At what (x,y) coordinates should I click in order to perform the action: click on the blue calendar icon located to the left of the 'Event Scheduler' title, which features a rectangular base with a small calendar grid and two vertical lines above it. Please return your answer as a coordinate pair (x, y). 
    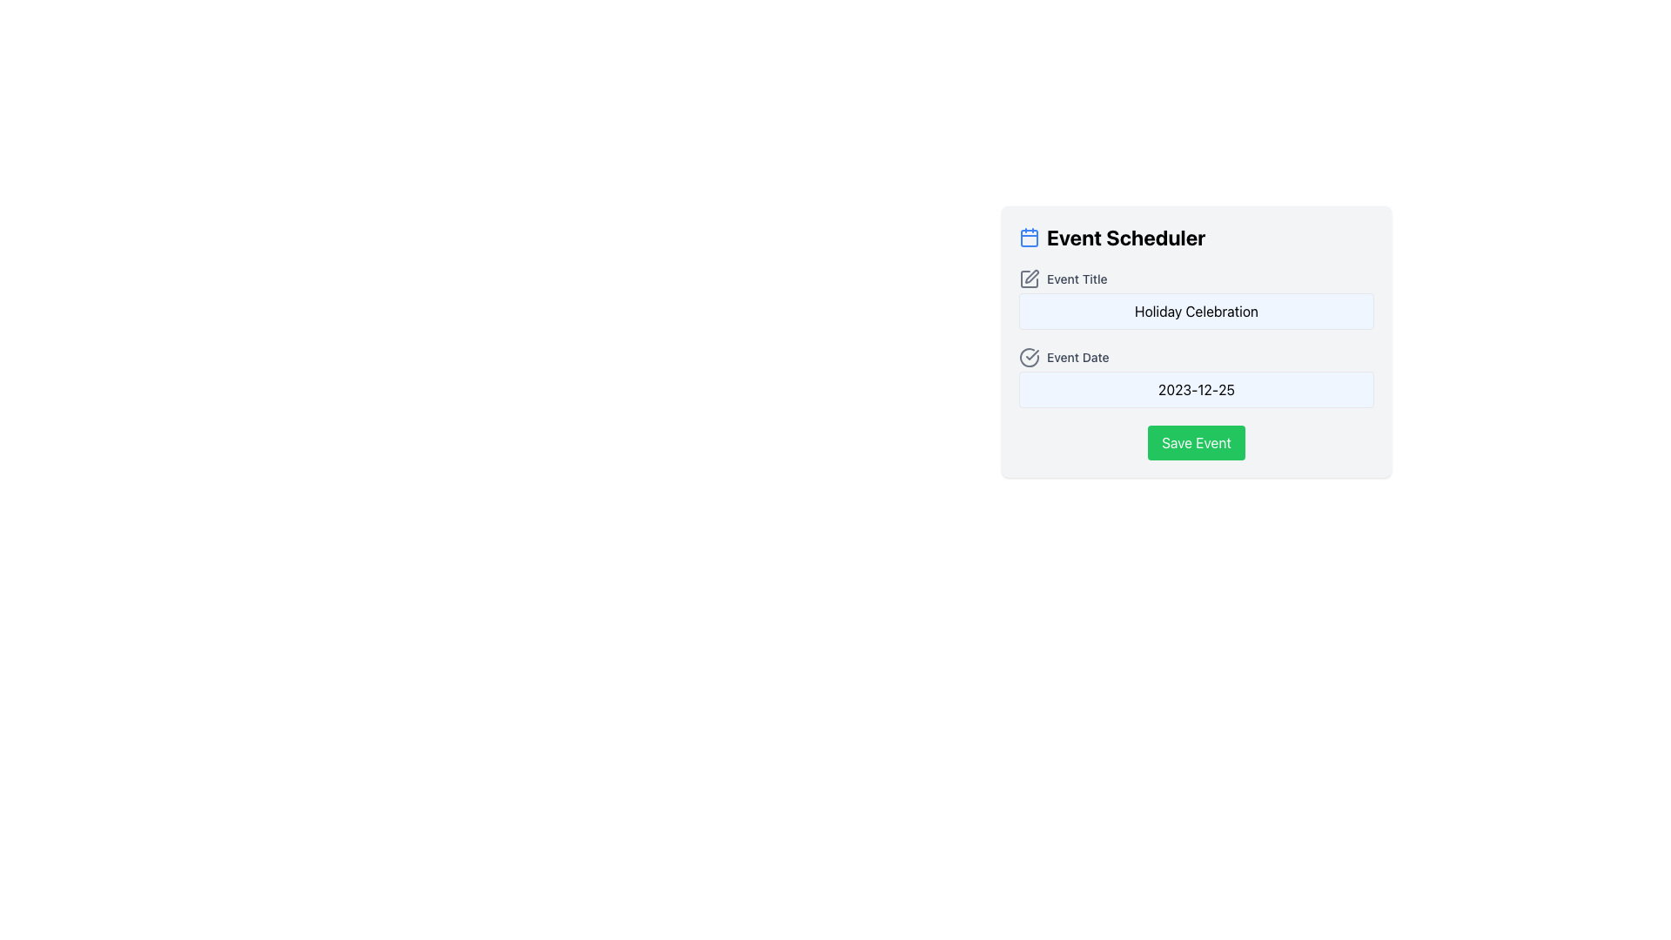
    Looking at the image, I should click on (1029, 238).